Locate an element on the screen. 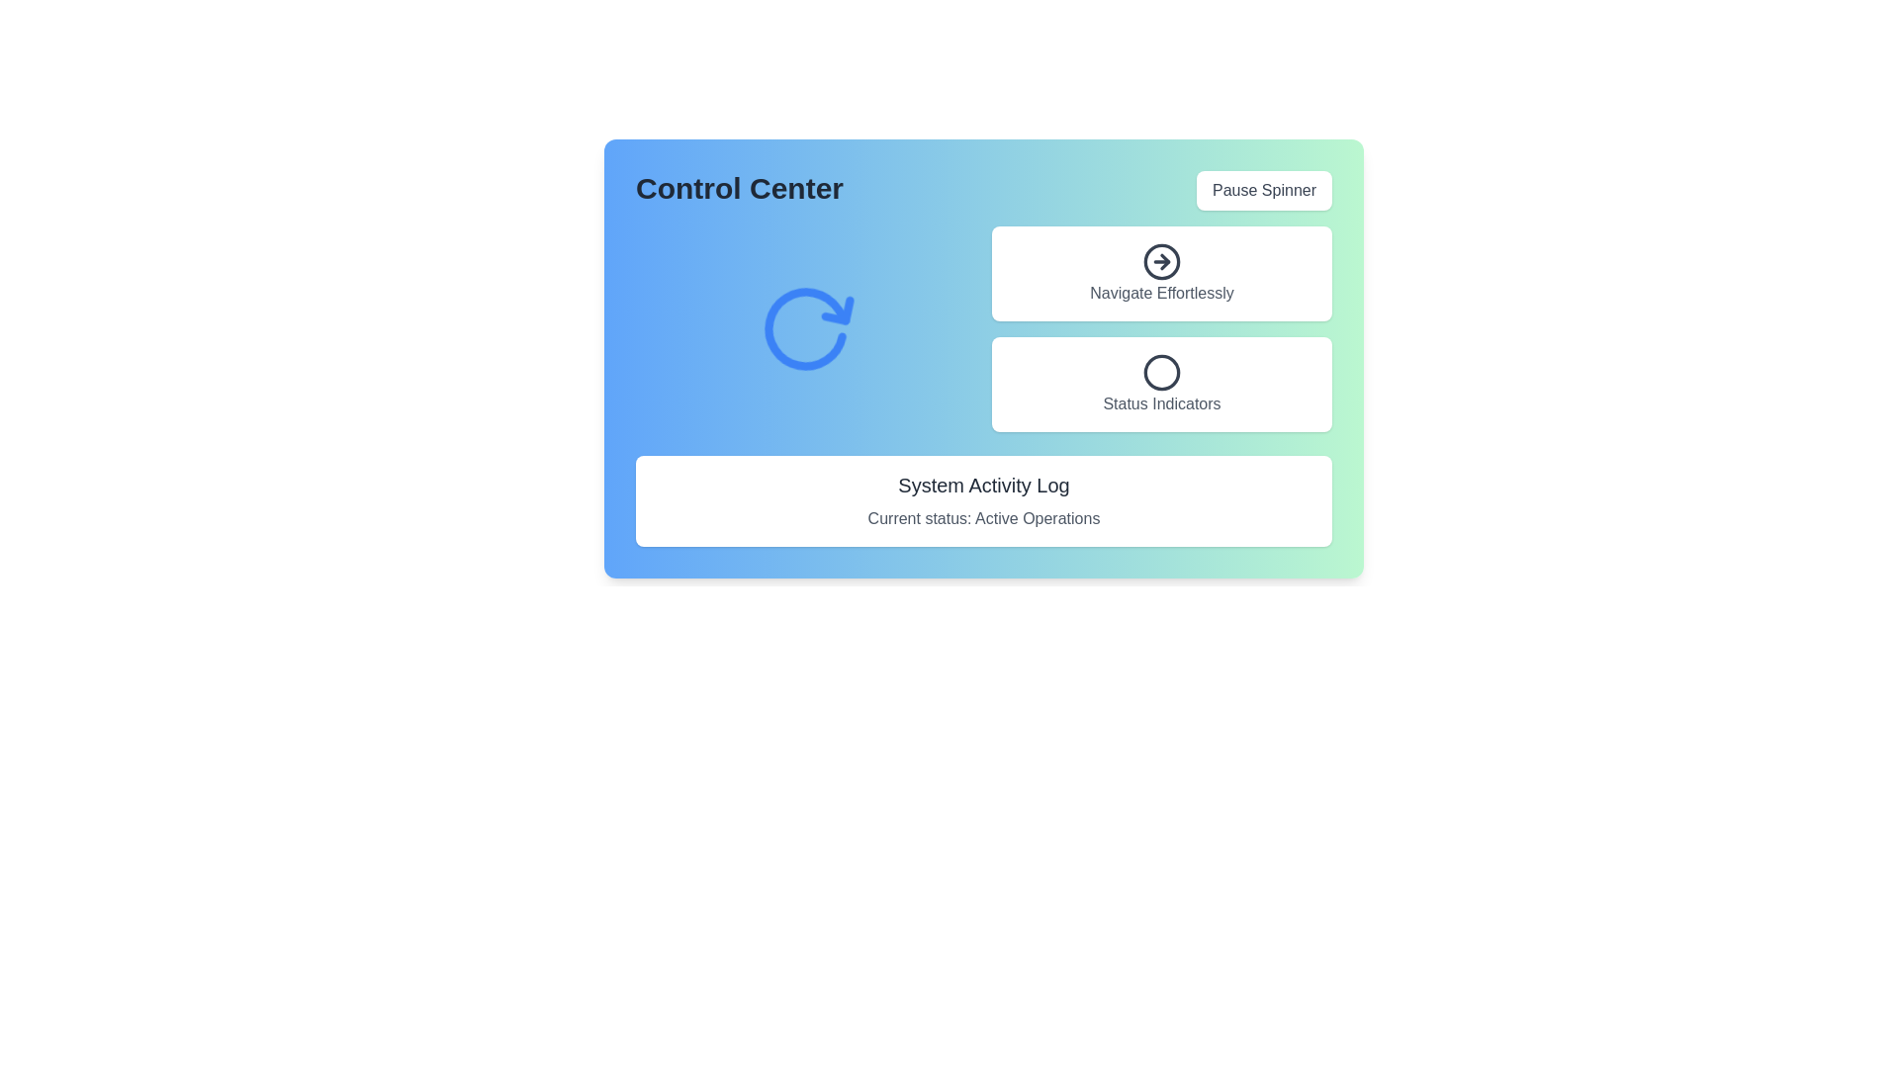 The height and width of the screenshot is (1068, 1899). the visual representation of the circular SVG graphic element located above the text 'Navigate Effortlessly' in the interface is located at coordinates (1162, 259).